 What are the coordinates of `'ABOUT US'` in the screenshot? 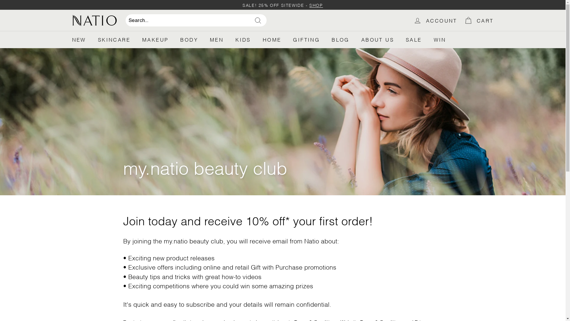 It's located at (355, 39).